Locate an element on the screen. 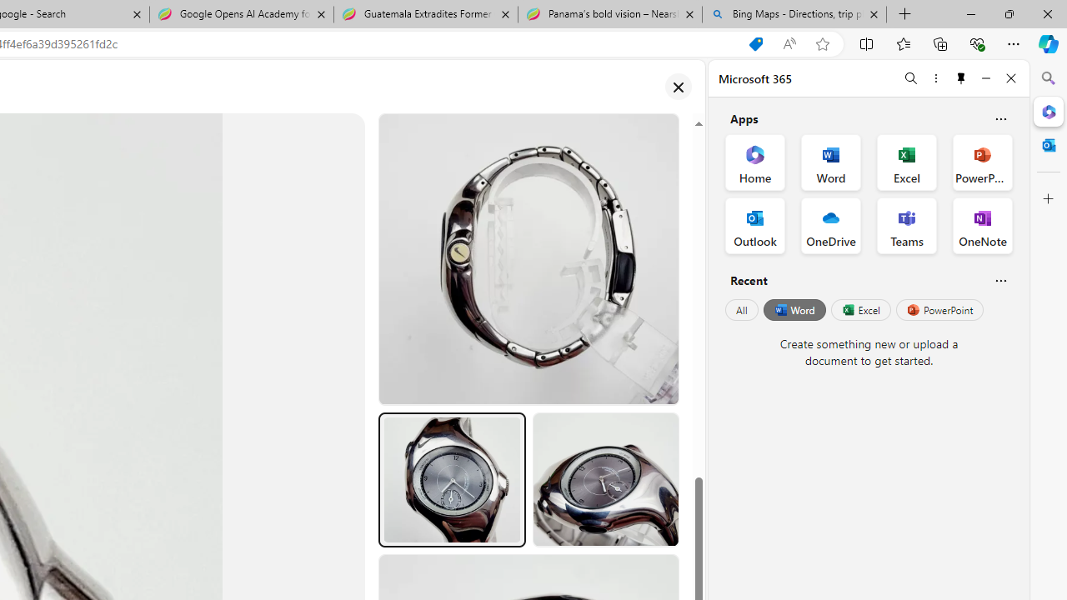  'Excel Office App' is located at coordinates (906, 162).